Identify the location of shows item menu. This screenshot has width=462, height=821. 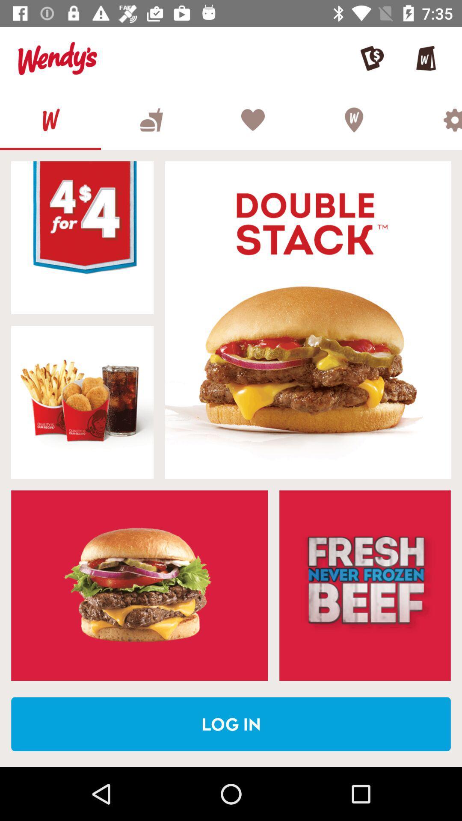
(139, 585).